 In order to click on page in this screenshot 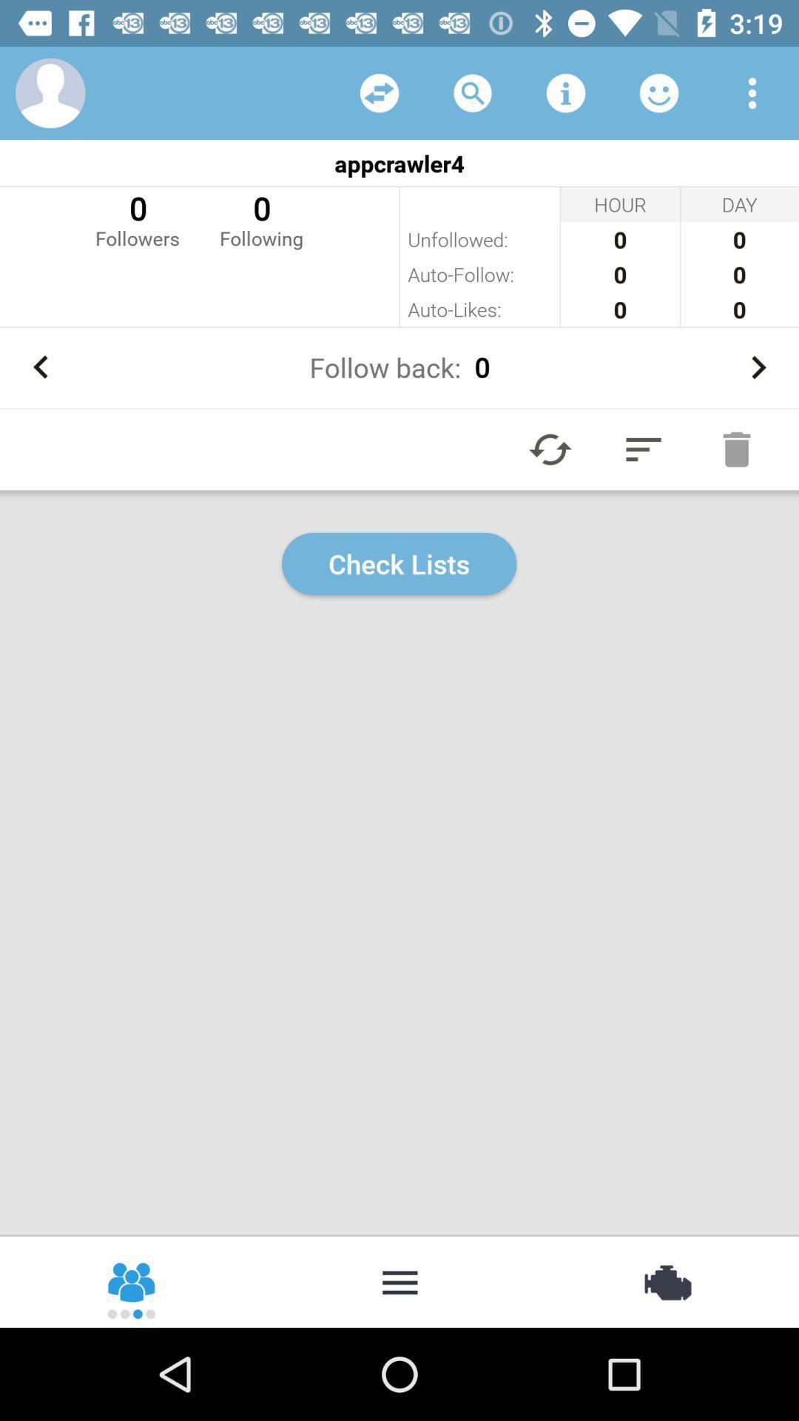, I will do `click(550, 449)`.